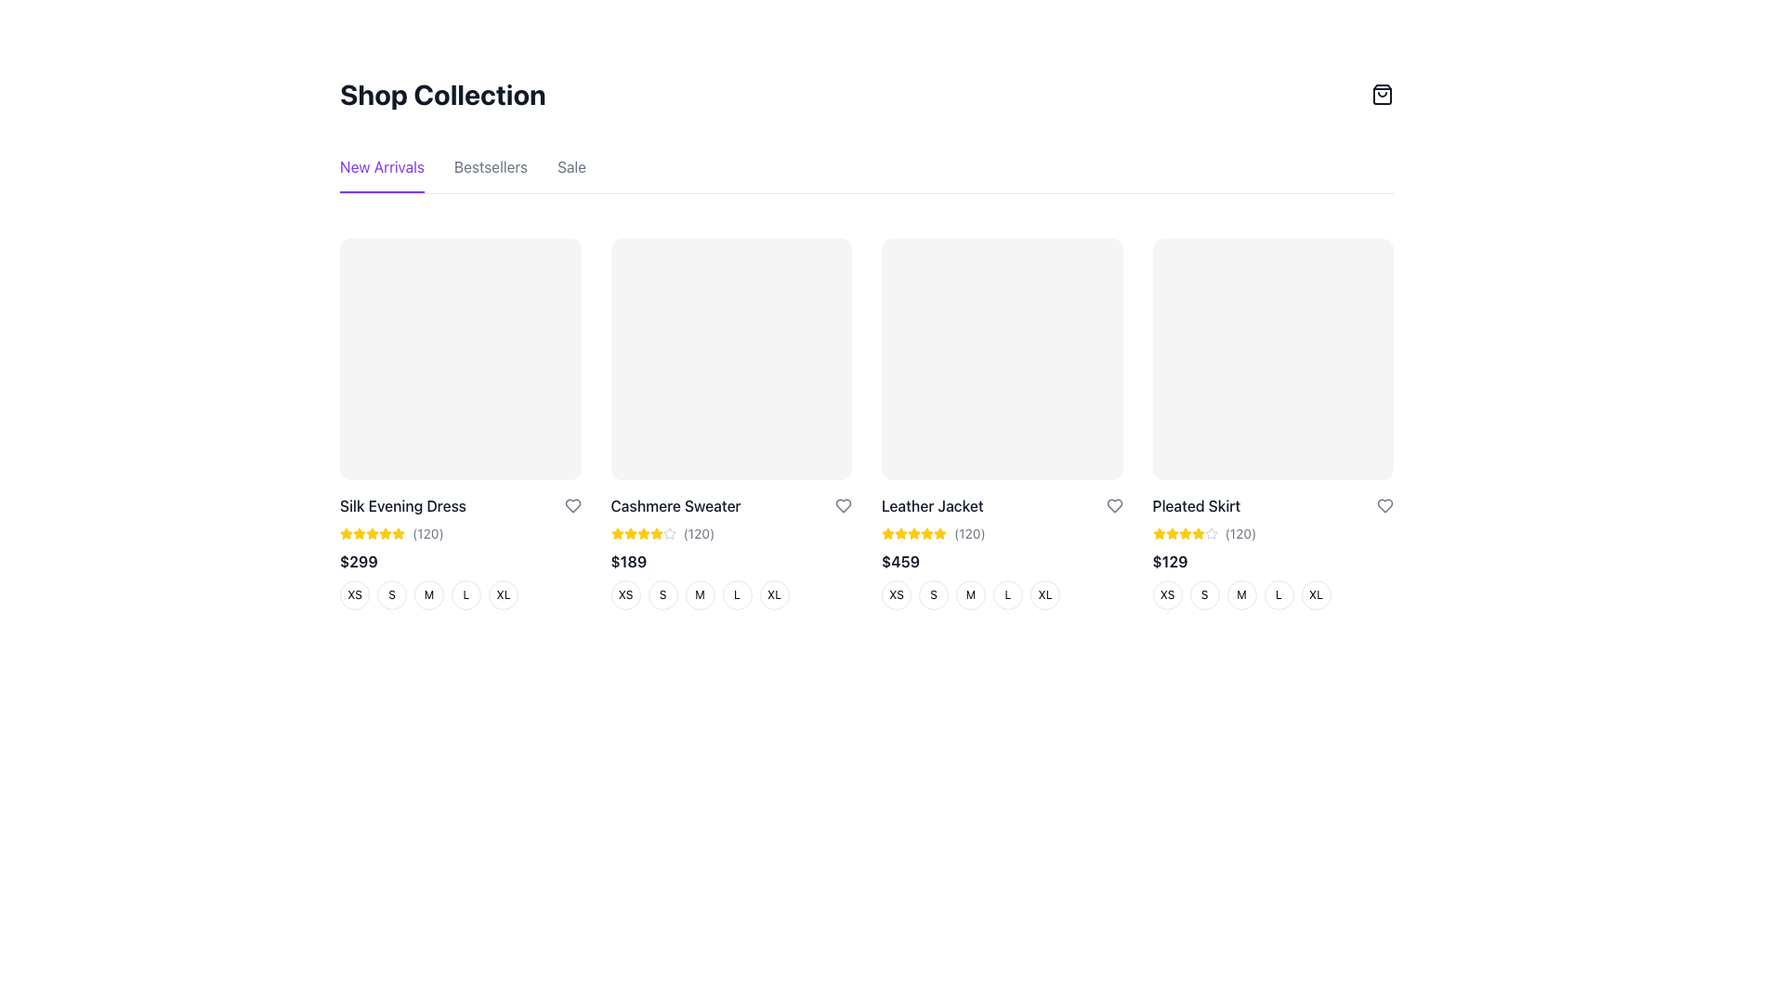  I want to click on the visual representation of the first yellow star icon used for user ratings under the 'Pleated Skirt' product description, so click(1158, 533).